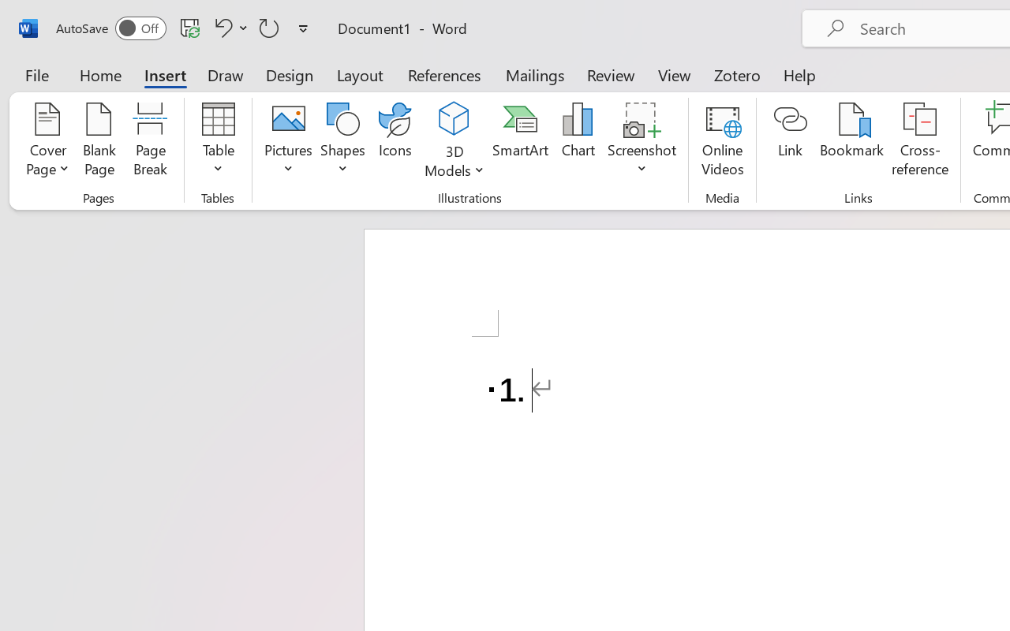 This screenshot has height=631, width=1010. What do you see at coordinates (851, 141) in the screenshot?
I see `'Bookmark...'` at bounding box center [851, 141].